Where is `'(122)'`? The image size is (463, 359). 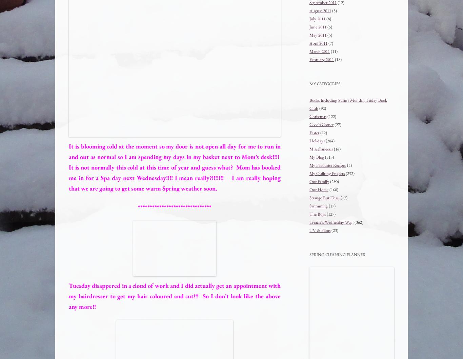 '(122)' is located at coordinates (326, 116).